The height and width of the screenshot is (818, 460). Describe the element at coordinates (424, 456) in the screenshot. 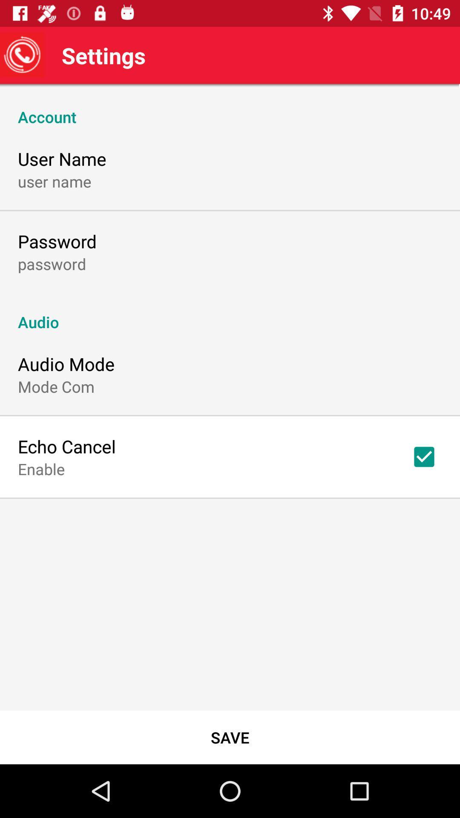

I see `the item next to the echo cancel` at that location.